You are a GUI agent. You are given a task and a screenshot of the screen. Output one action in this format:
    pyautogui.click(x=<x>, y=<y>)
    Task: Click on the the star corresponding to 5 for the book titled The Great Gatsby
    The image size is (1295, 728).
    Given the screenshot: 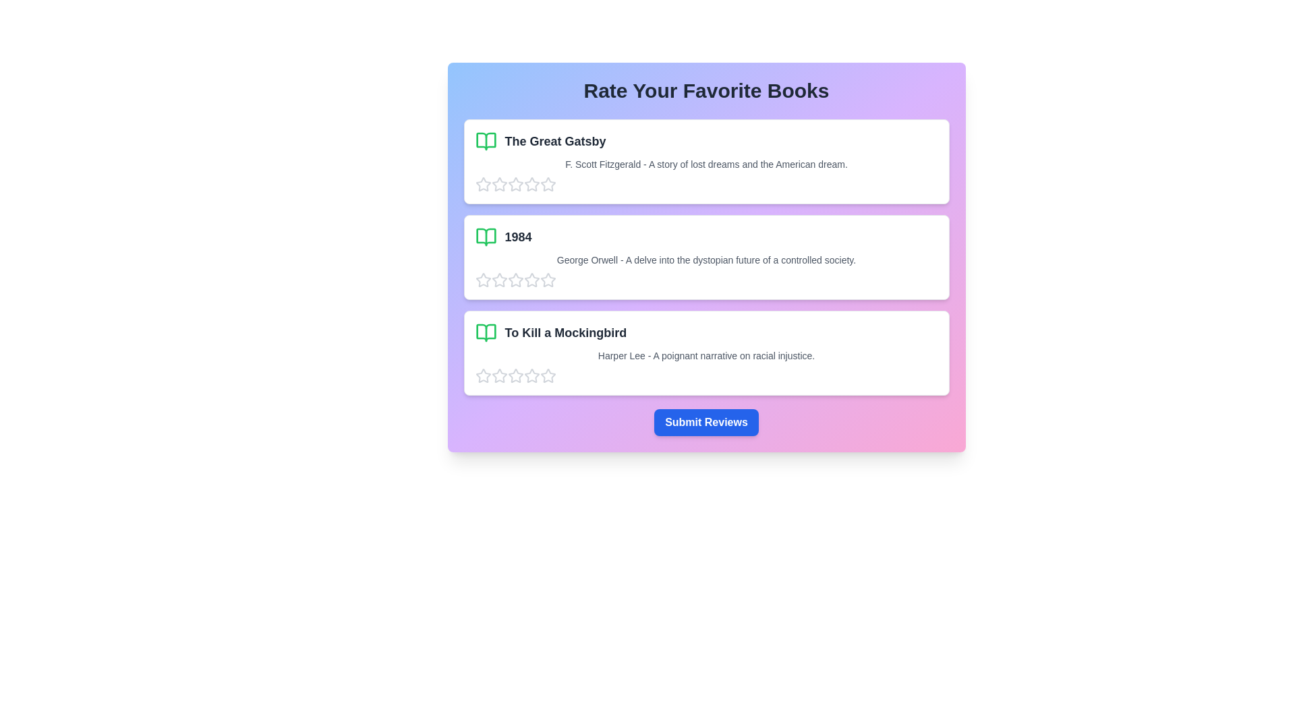 What is the action you would take?
    pyautogui.click(x=548, y=184)
    